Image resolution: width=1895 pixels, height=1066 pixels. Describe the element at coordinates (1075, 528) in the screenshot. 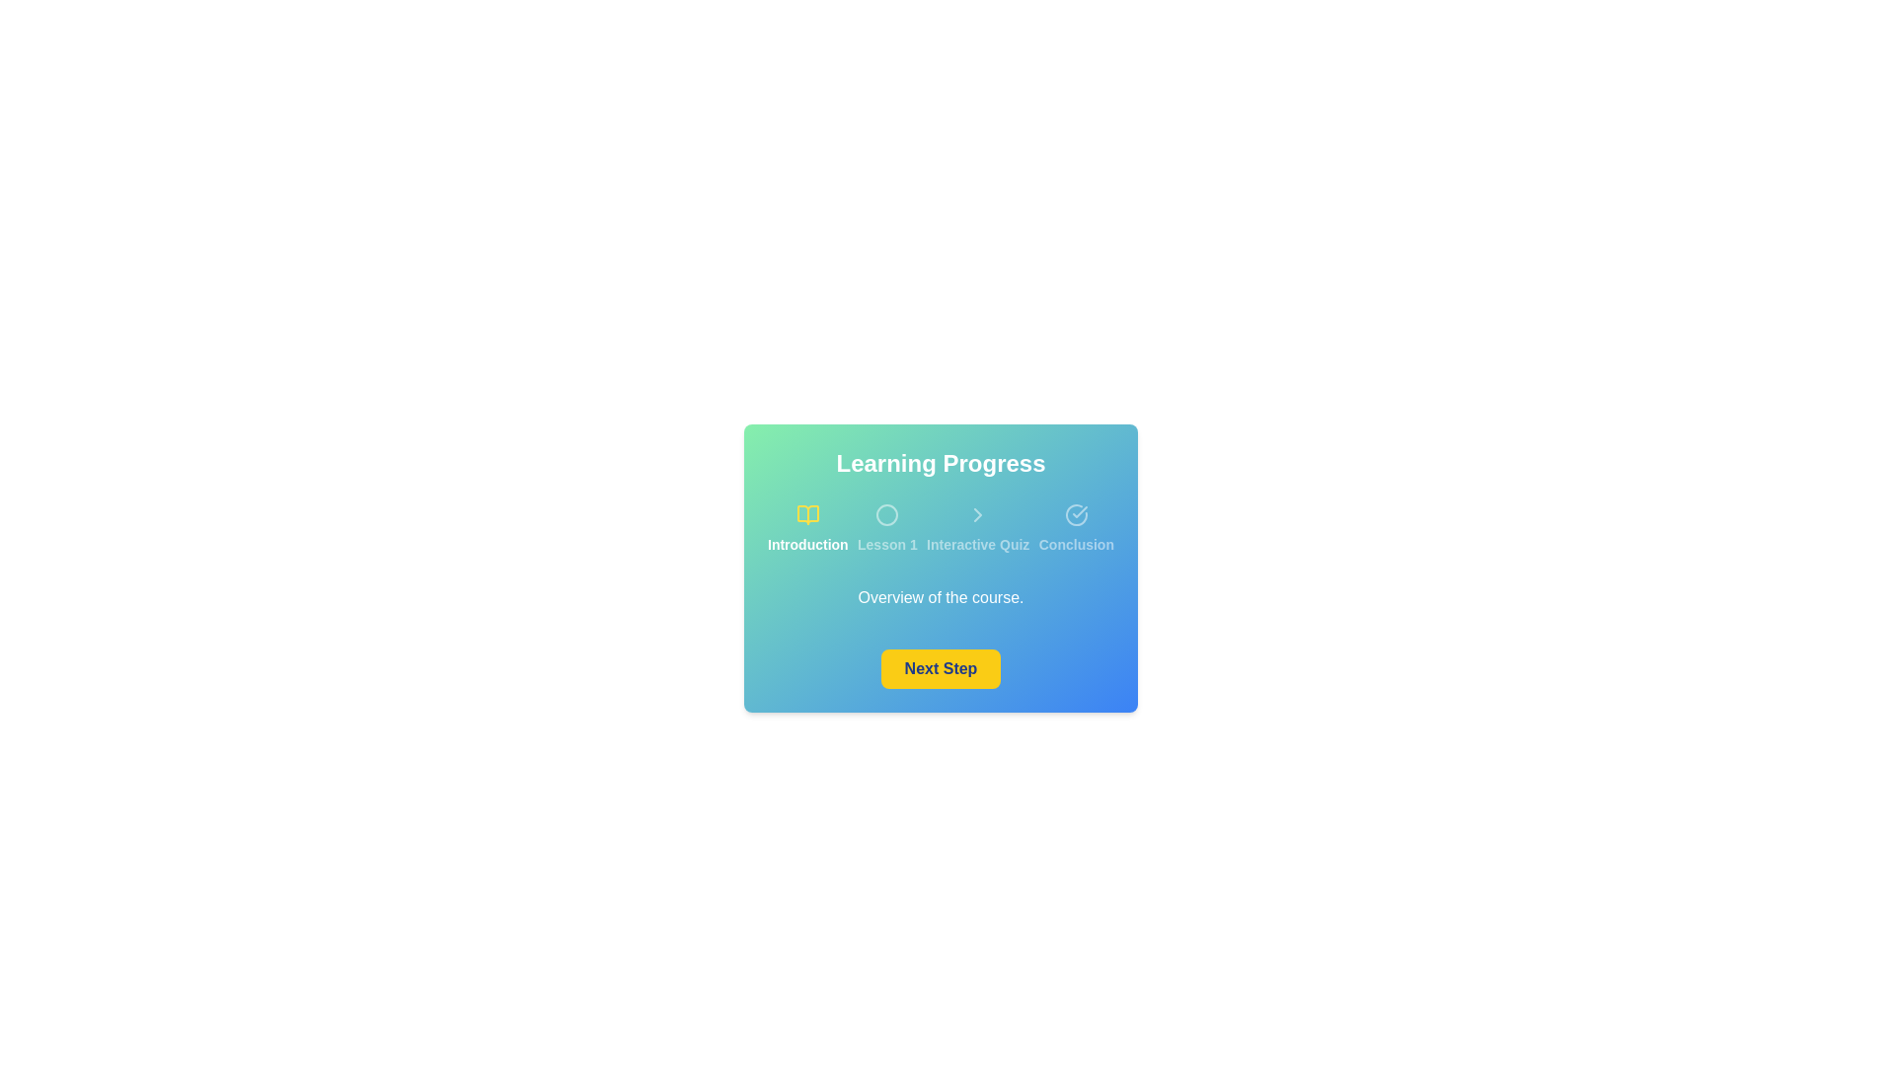

I see `the state of the 'Conclusion' Label with Icon, which features a circular checkmark icon above the text and is the last item in the row labeled 'Learning Progress'` at that location.